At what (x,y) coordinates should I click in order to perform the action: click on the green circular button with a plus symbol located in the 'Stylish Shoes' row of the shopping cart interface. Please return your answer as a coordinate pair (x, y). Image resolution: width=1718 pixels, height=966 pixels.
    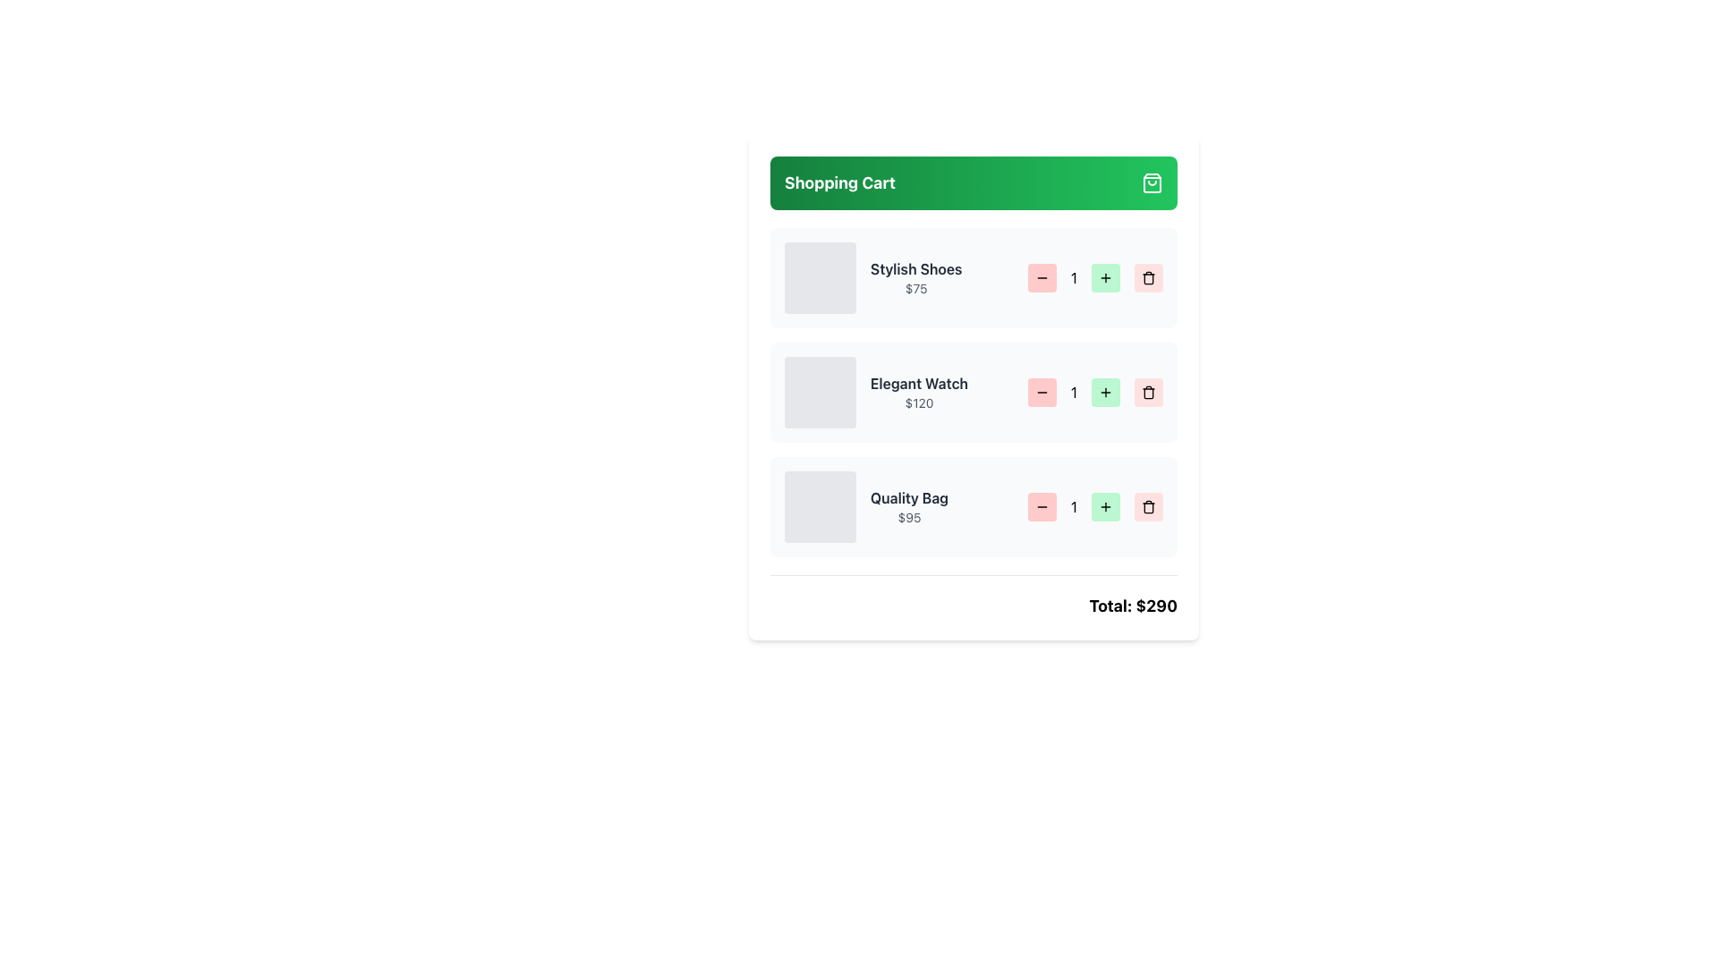
    Looking at the image, I should click on (1105, 278).